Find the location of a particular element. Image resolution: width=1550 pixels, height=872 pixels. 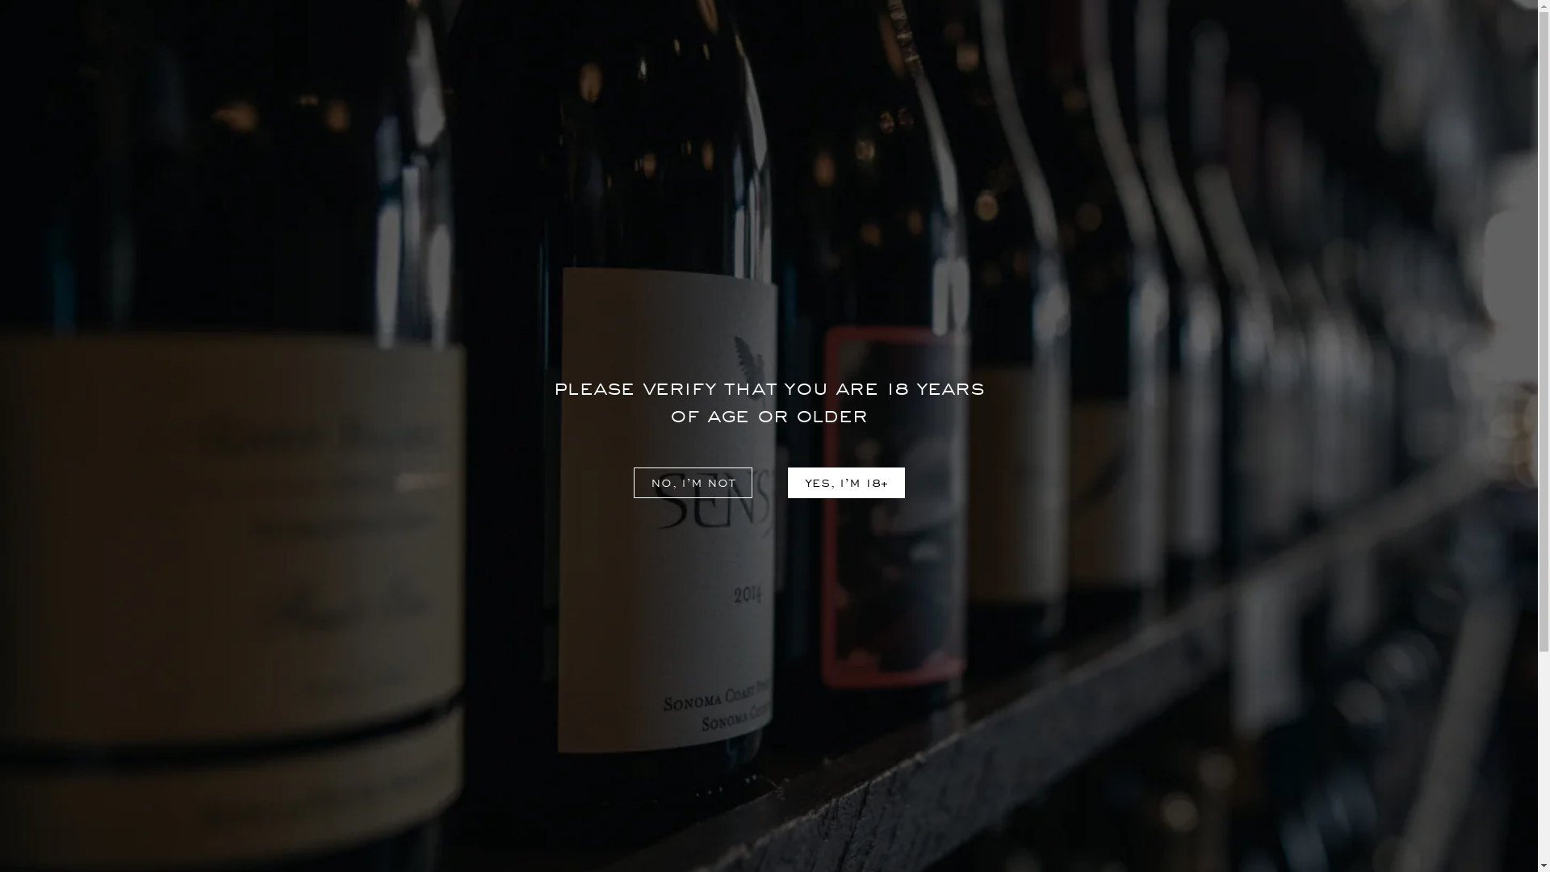

'Packs' is located at coordinates (981, 93).